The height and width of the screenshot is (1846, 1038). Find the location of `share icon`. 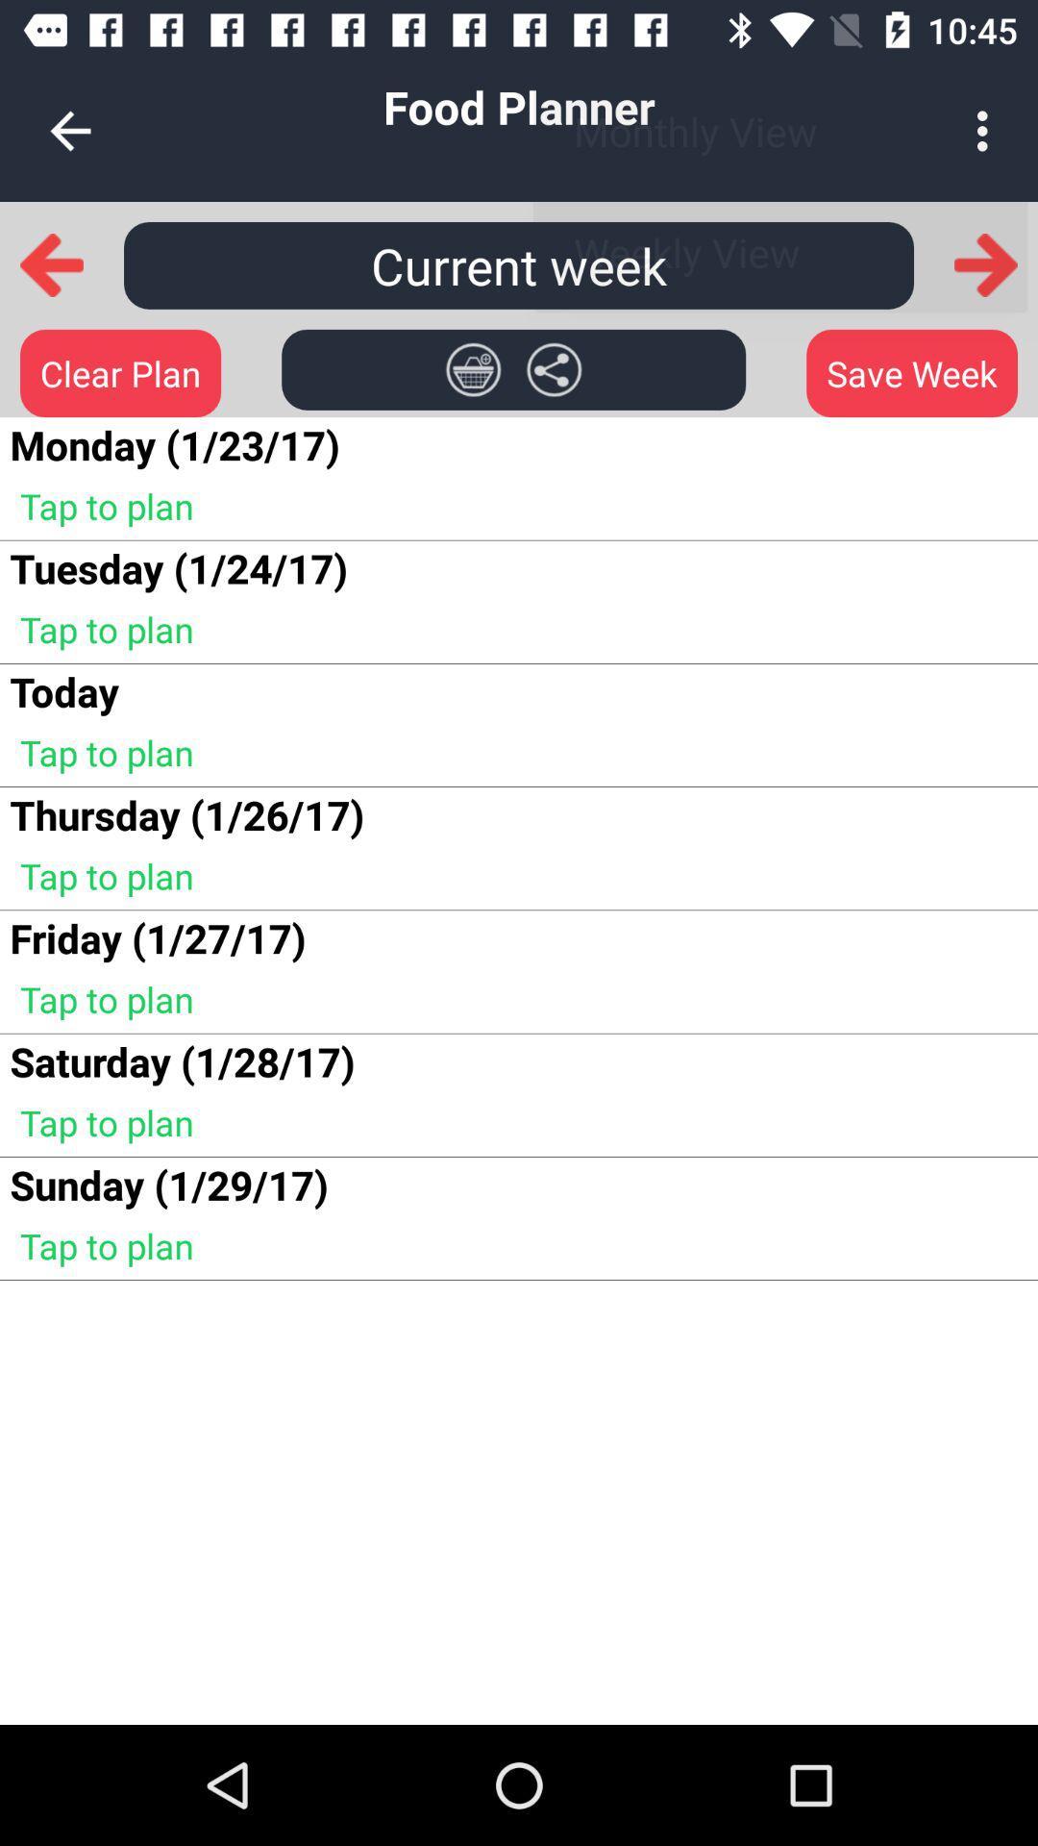

share icon is located at coordinates (554, 369).